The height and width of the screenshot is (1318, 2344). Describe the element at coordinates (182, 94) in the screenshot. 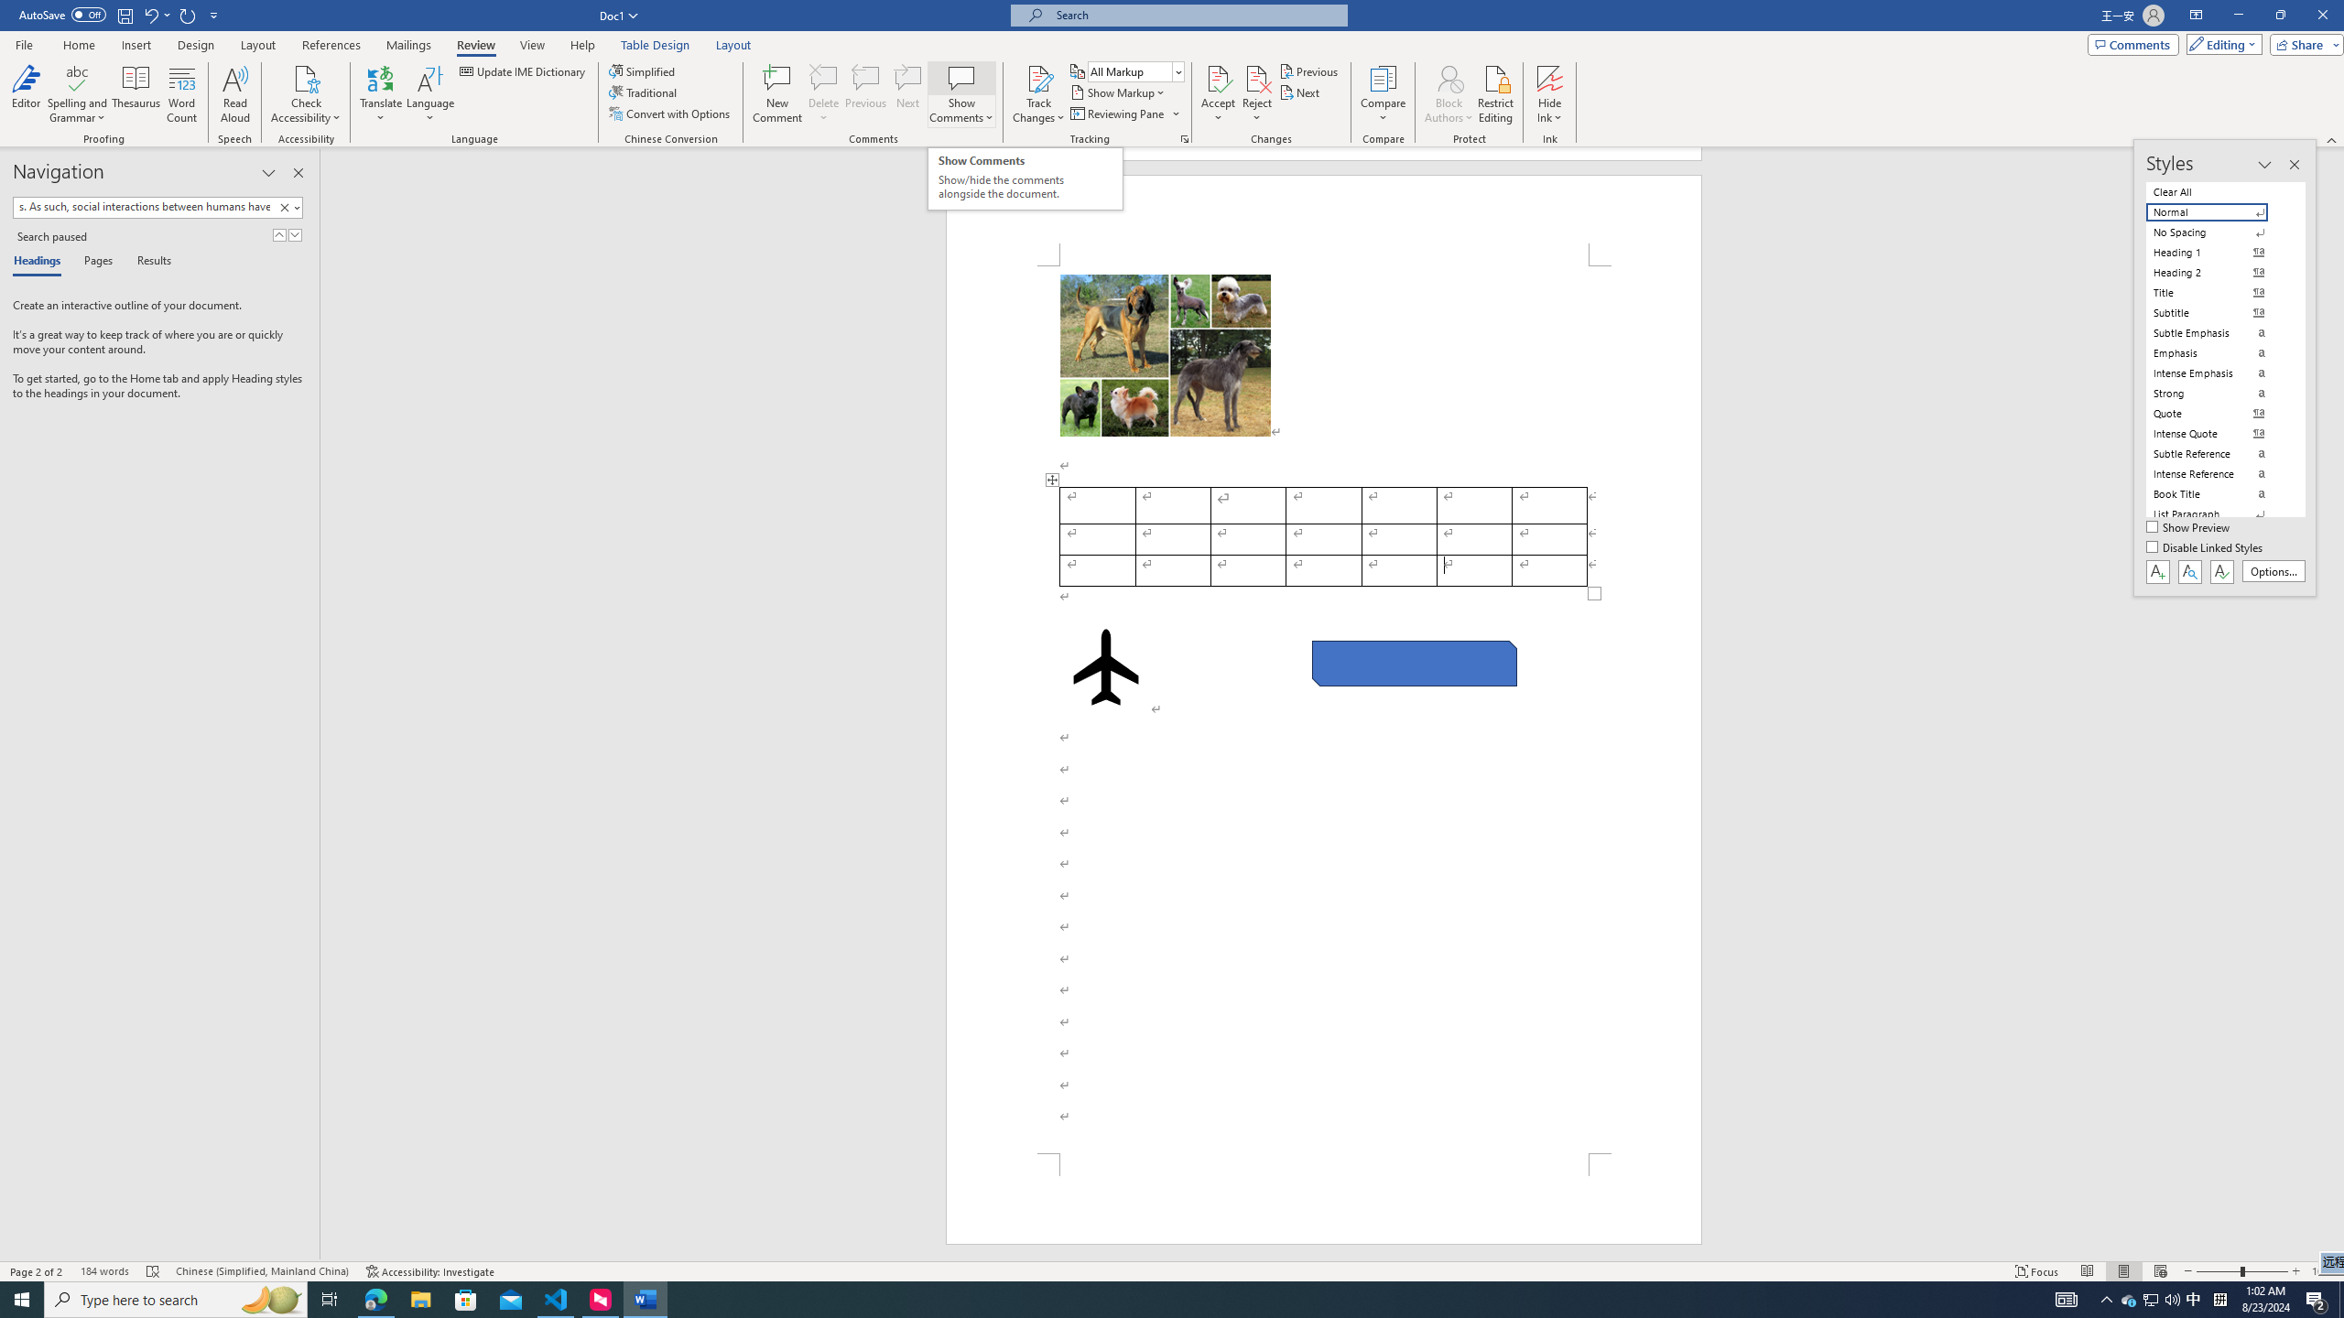

I see `'Word Count'` at that location.